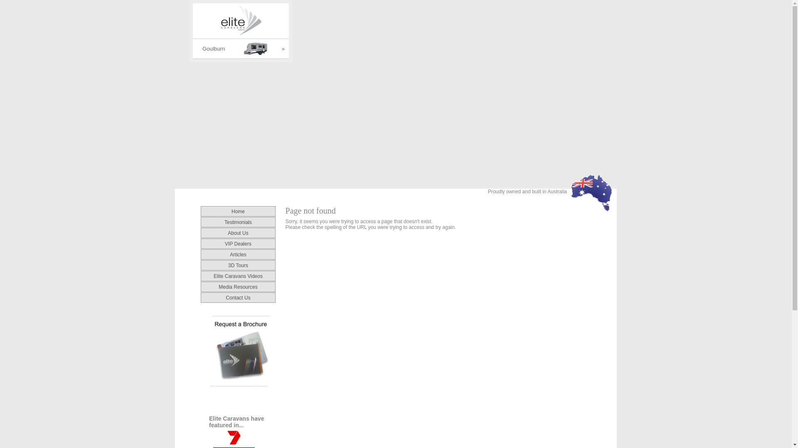 This screenshot has height=448, width=798. Describe the element at coordinates (237, 265) in the screenshot. I see `'3D Tours'` at that location.